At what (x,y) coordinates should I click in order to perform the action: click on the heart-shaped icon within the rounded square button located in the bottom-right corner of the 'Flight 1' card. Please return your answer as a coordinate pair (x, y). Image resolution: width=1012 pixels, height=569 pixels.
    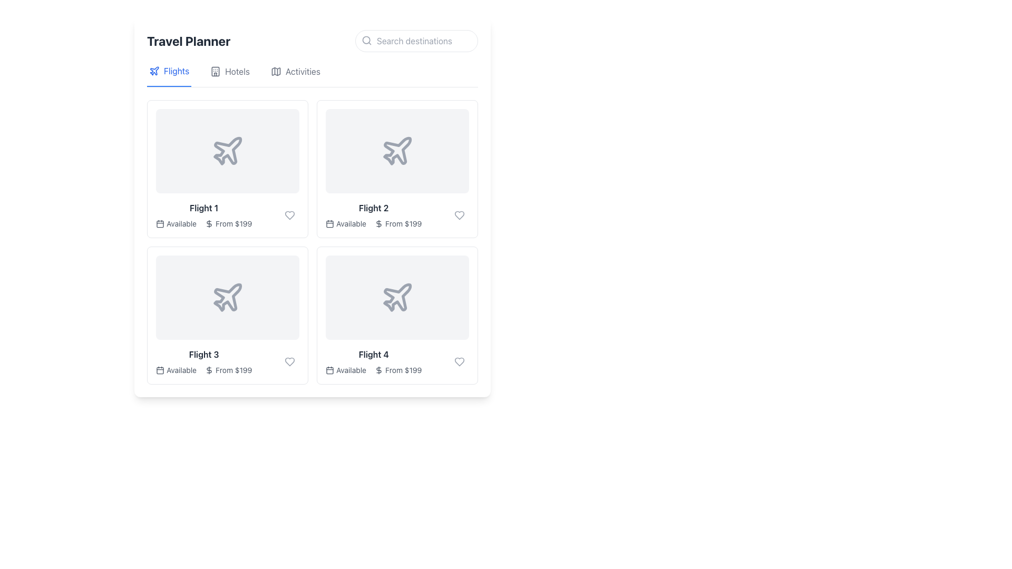
    Looking at the image, I should click on (290, 214).